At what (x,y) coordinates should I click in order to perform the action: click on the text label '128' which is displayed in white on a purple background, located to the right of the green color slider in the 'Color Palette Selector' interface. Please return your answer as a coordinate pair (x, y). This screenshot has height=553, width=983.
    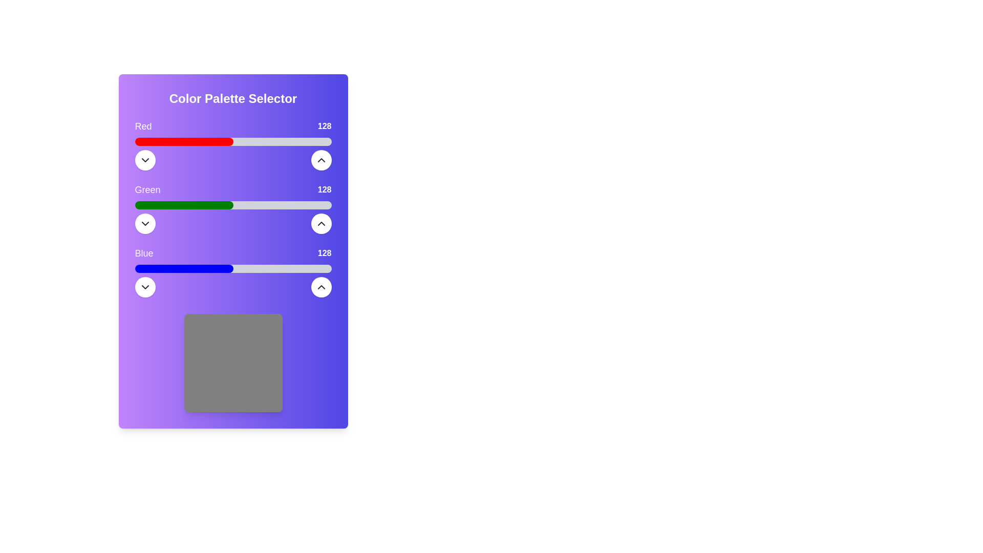
    Looking at the image, I should click on (324, 189).